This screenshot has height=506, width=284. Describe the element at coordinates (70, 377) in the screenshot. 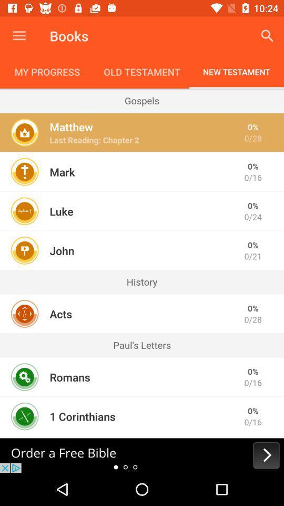

I see `the romans` at that location.